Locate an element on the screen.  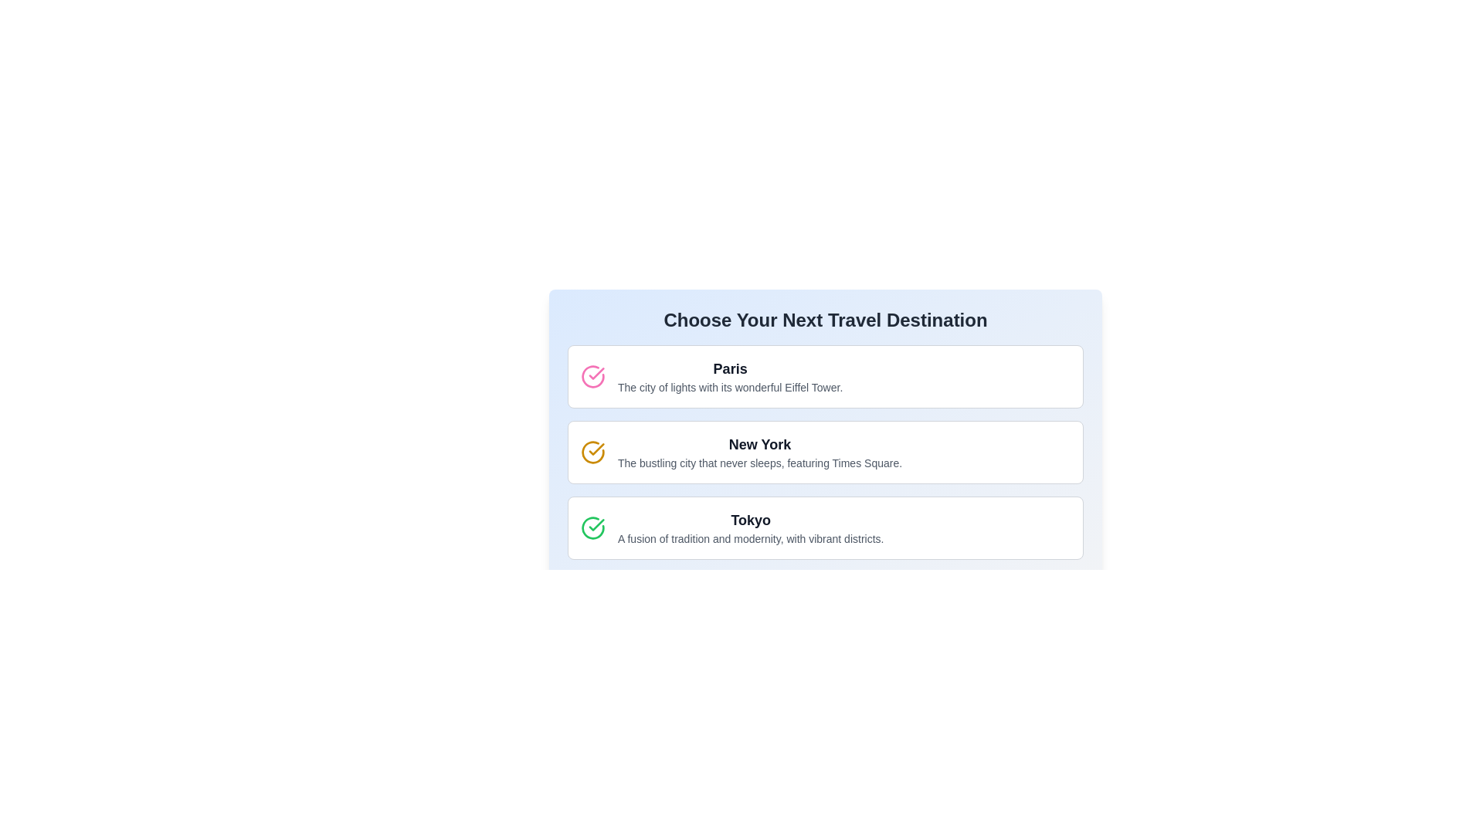
the text block displaying 'Tokyo' which consists of bold text and a smaller gray description below it, positioned centrally in a vertical list is located at coordinates (751, 527).